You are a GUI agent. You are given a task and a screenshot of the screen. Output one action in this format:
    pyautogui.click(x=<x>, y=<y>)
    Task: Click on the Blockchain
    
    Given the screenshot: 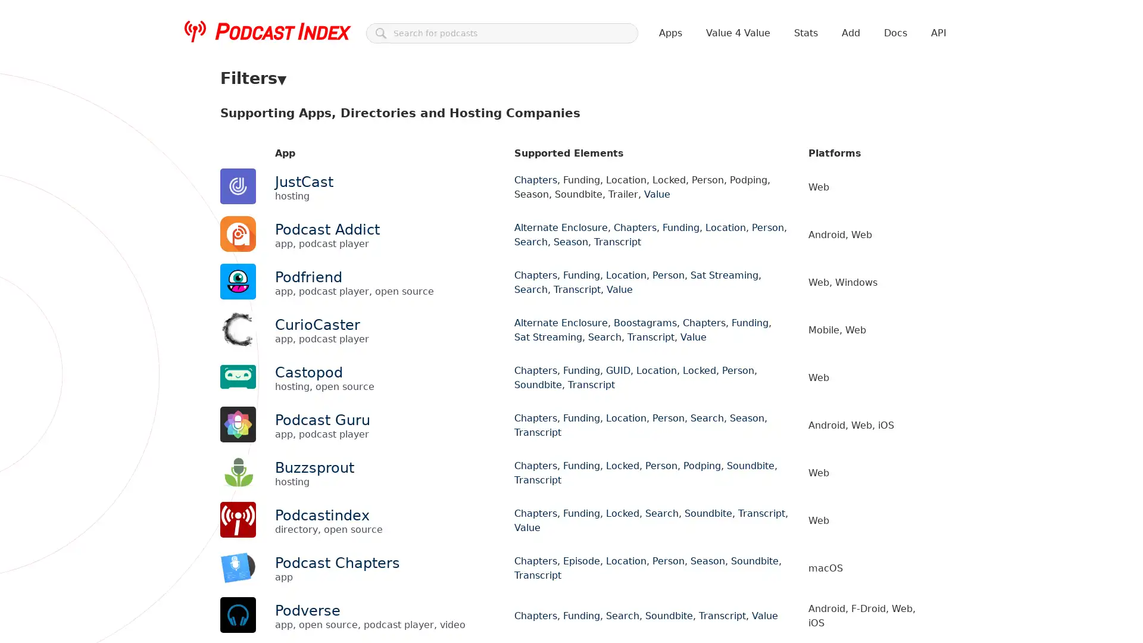 What is the action you would take?
    pyautogui.click(x=310, y=115)
    